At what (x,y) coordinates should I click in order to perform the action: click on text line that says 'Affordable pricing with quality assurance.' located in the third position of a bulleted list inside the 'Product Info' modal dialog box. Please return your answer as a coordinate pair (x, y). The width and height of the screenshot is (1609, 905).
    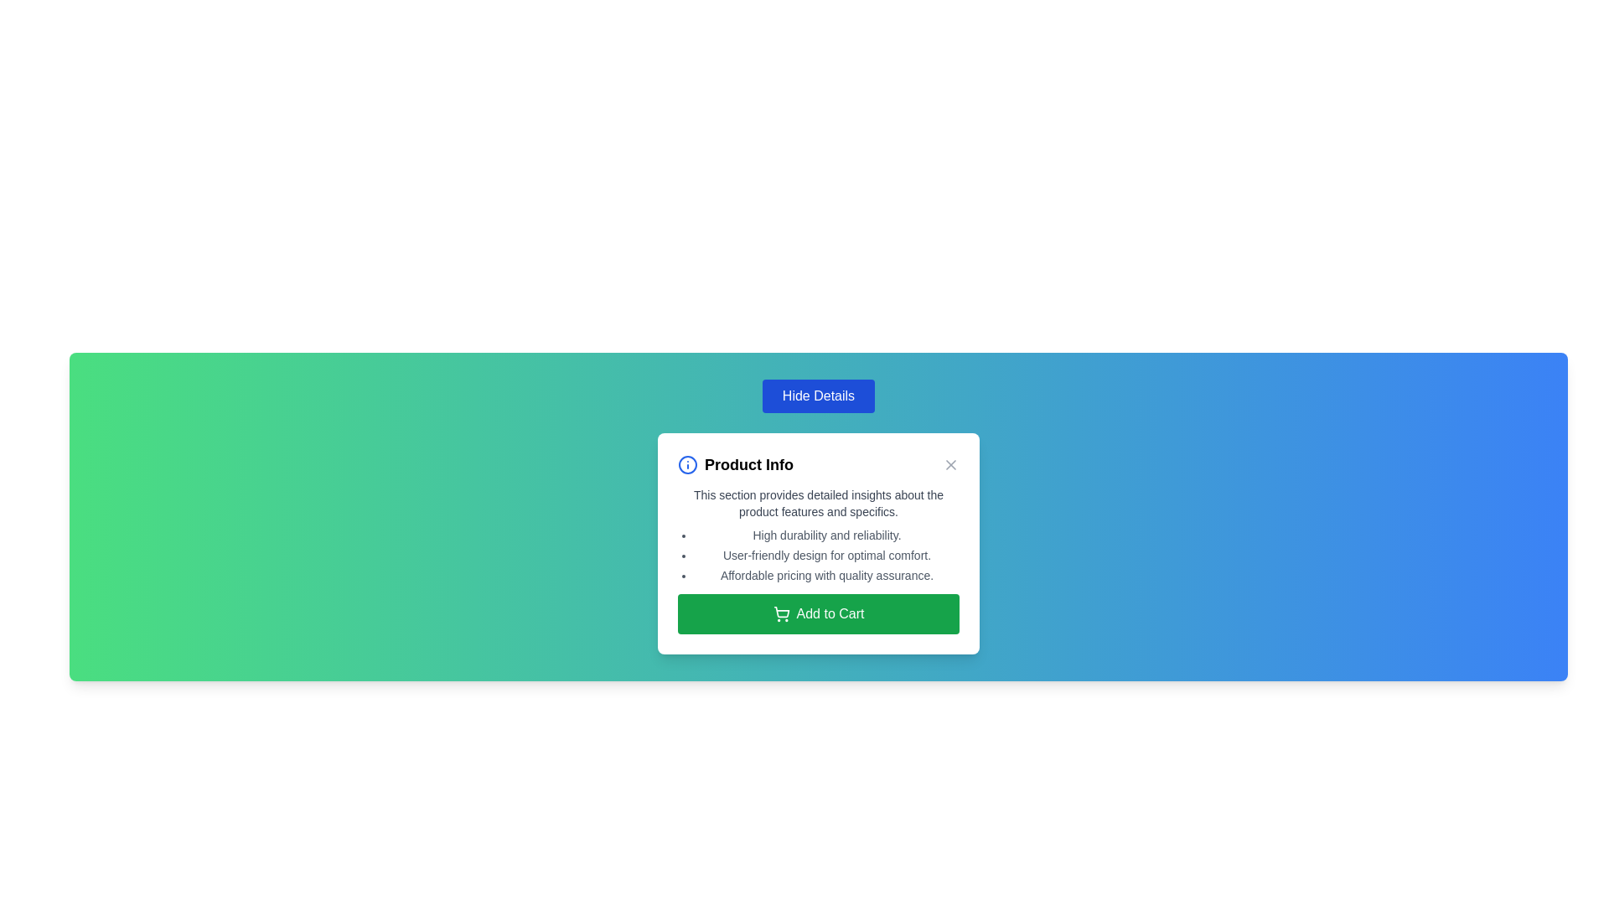
    Looking at the image, I should click on (827, 574).